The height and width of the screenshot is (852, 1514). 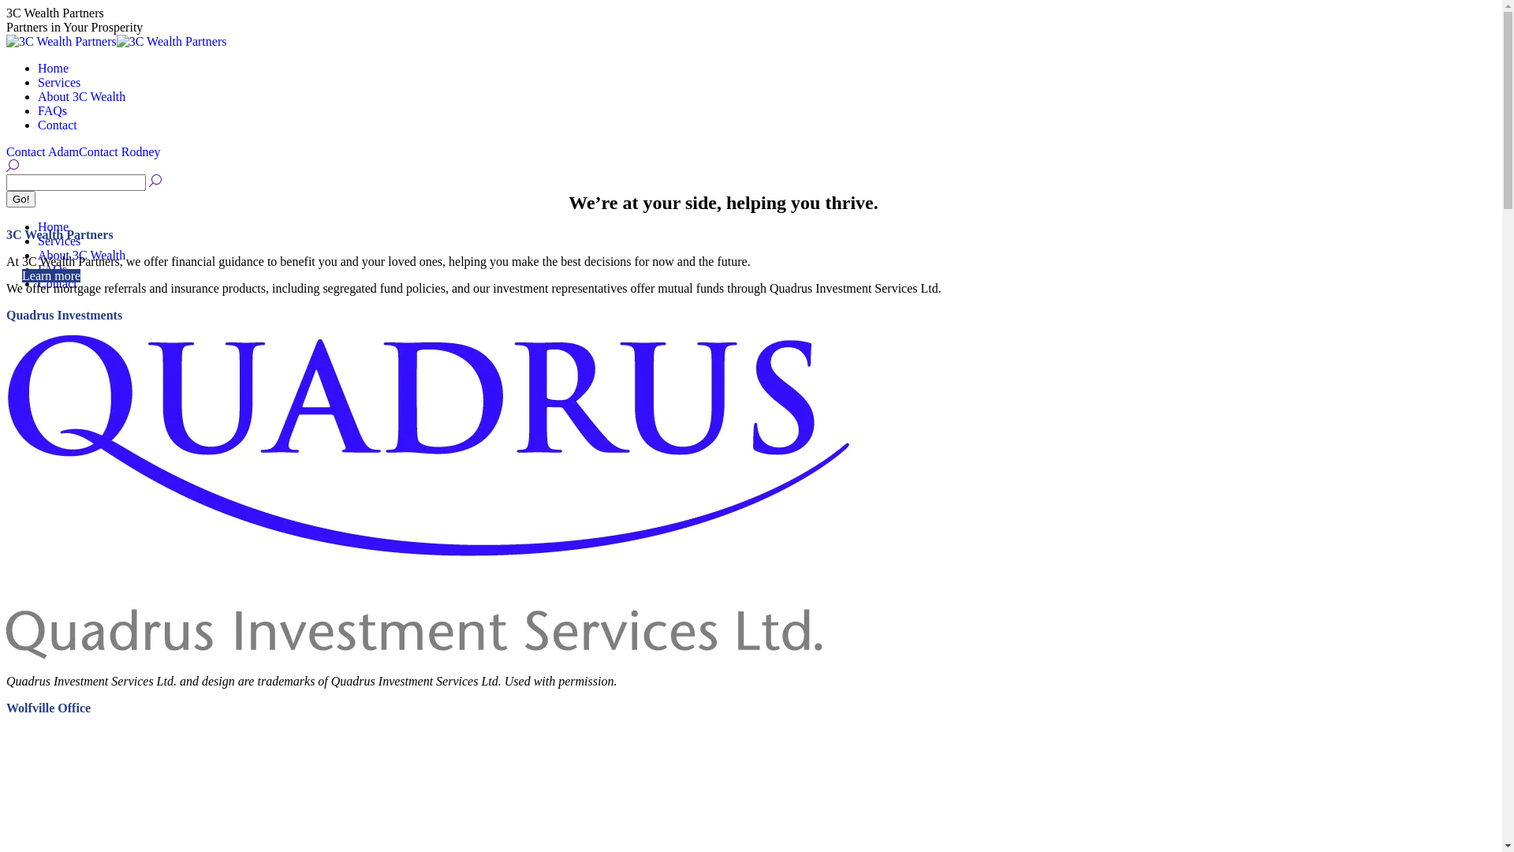 What do you see at coordinates (38, 124) in the screenshot?
I see `'Contact'` at bounding box center [38, 124].